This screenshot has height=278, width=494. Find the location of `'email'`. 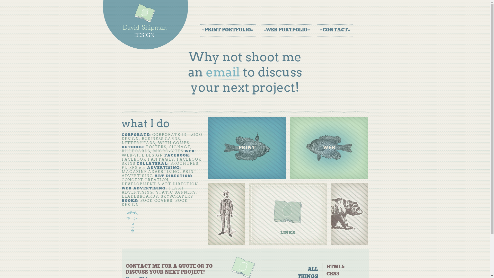

'email' is located at coordinates (223, 72).